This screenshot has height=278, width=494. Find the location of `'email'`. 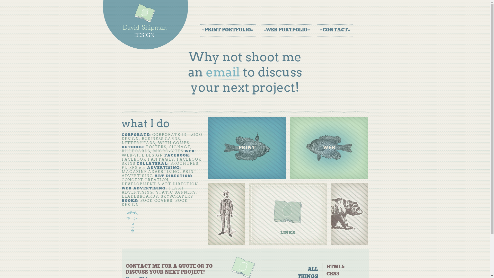

'email' is located at coordinates (223, 72).